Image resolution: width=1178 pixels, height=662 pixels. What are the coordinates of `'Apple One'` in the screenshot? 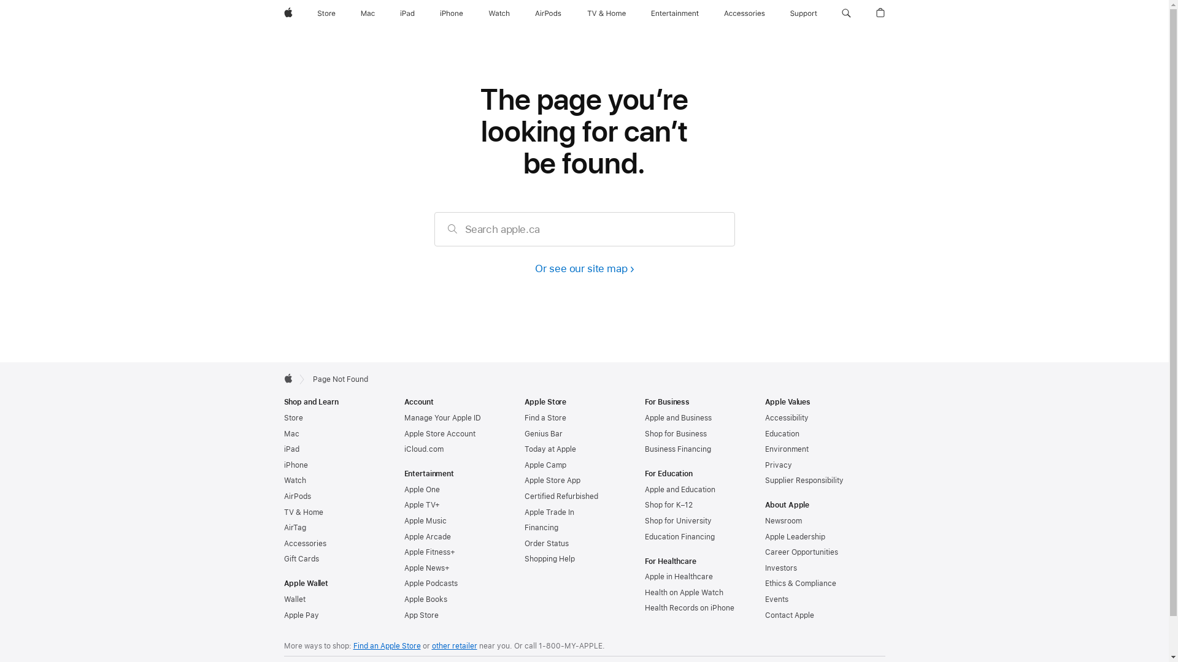 It's located at (403, 489).